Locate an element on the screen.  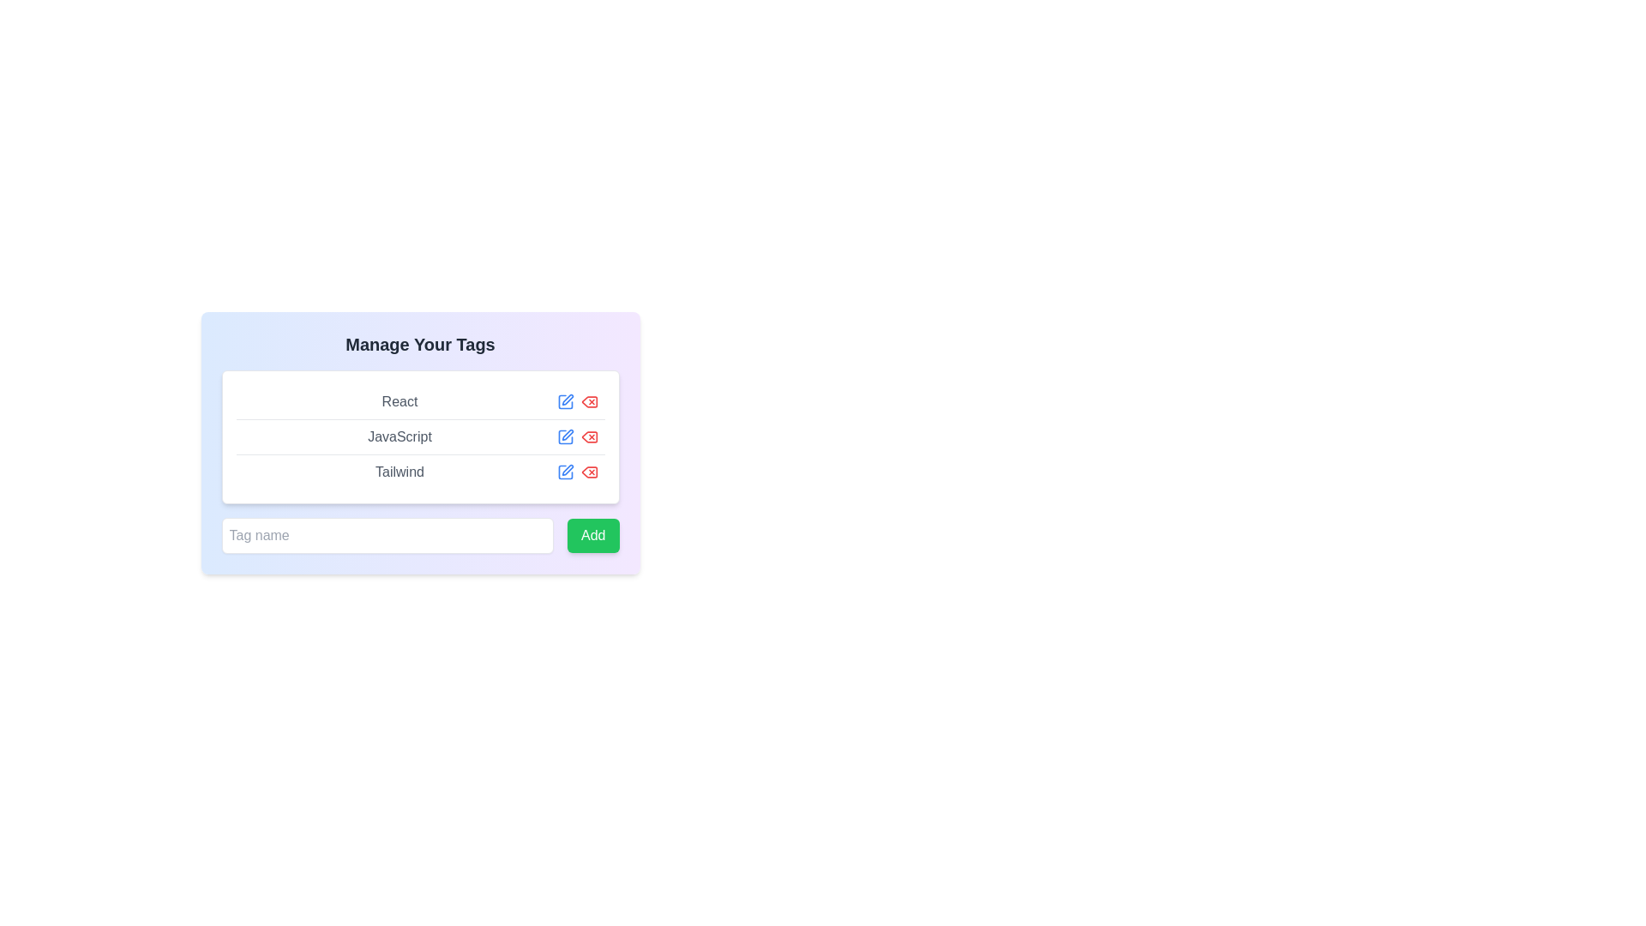
the 'Tailwind' text label element in the third row of the 'Manage Your Tags' modal dialog, which is displayed in medium gray font against a white background is located at coordinates (399, 472).